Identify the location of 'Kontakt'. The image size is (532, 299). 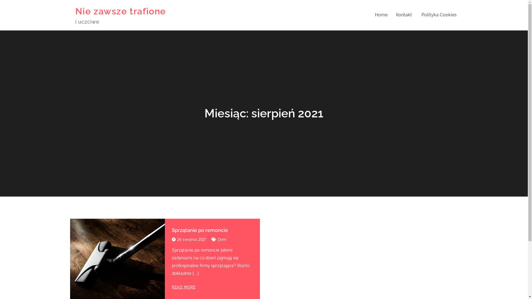
(404, 15).